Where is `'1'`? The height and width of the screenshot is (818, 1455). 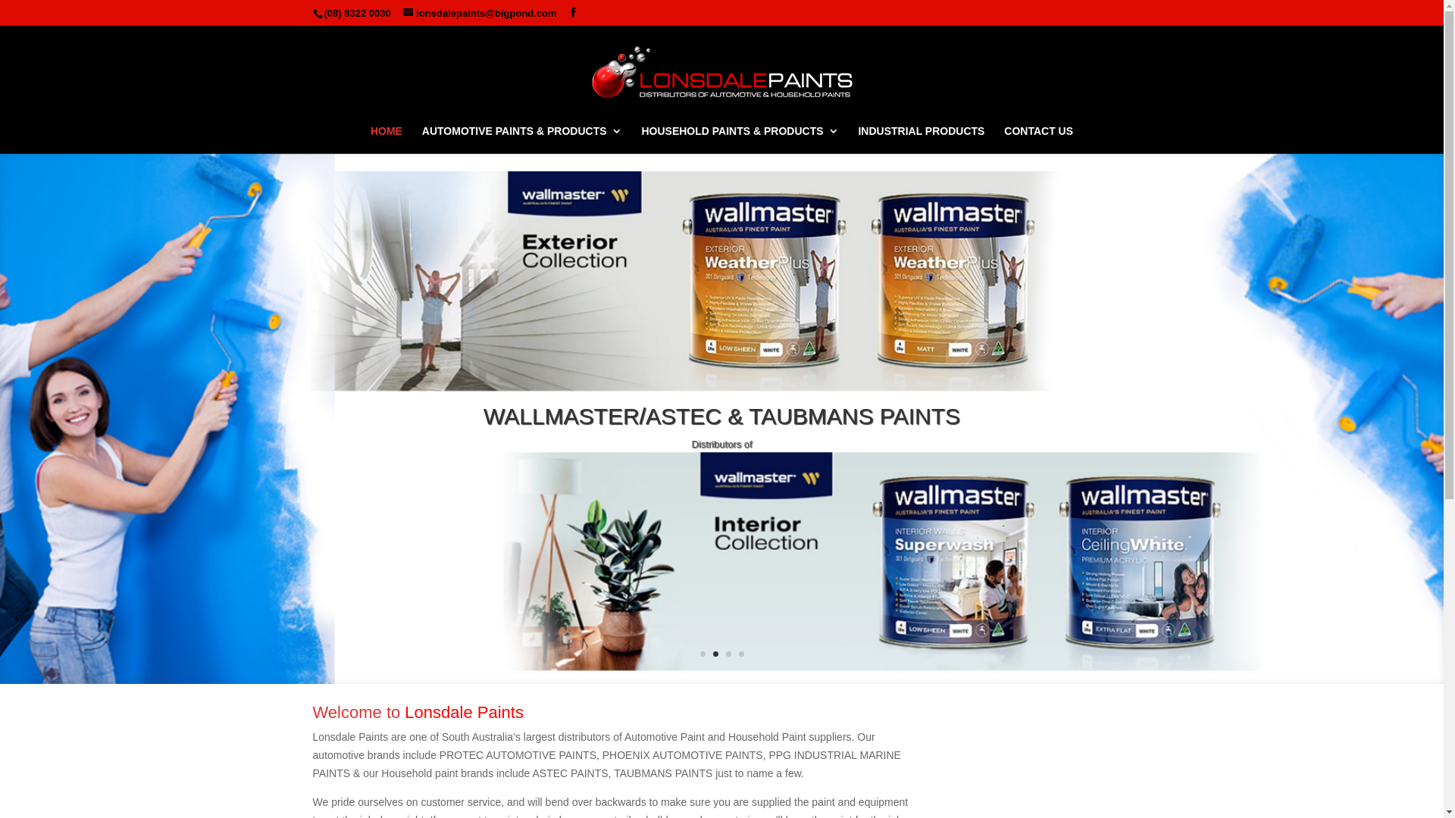
'1' is located at coordinates (702, 653).